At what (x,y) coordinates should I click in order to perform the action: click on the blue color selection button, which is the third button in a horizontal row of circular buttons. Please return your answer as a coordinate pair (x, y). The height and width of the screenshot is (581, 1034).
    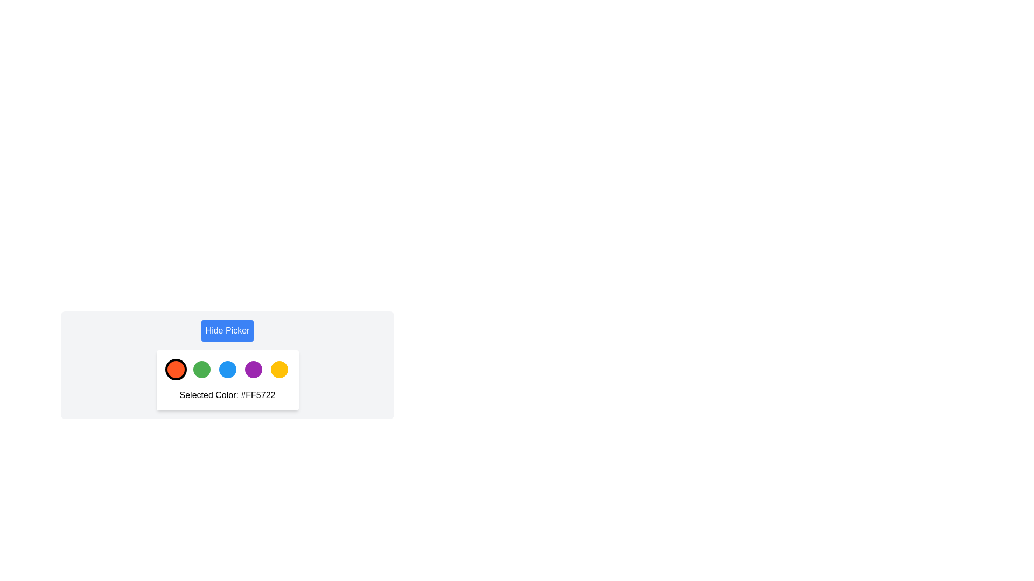
    Looking at the image, I should click on (227, 364).